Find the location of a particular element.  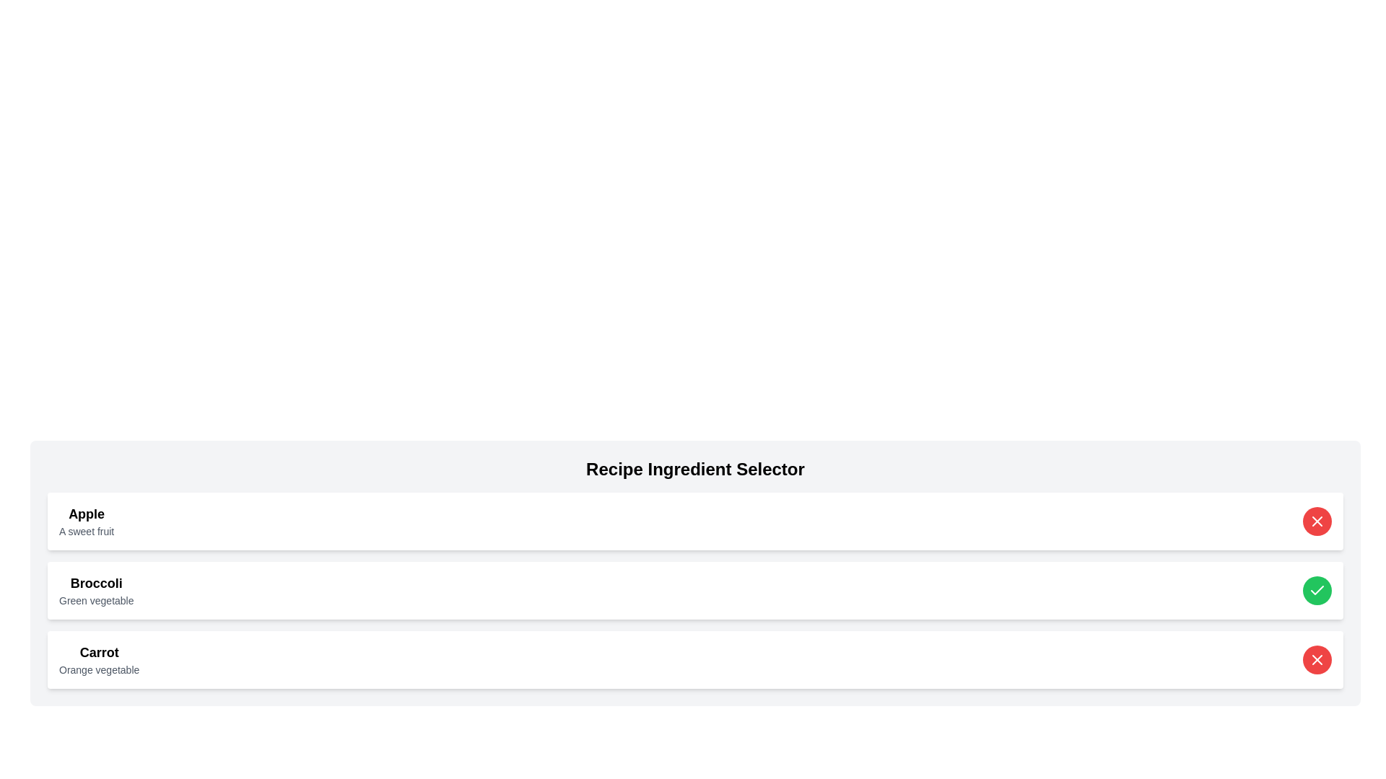

the header title element that serves as the title for the ingredient selection panel, which is centrally aligned at the top of its section is located at coordinates (695, 470).